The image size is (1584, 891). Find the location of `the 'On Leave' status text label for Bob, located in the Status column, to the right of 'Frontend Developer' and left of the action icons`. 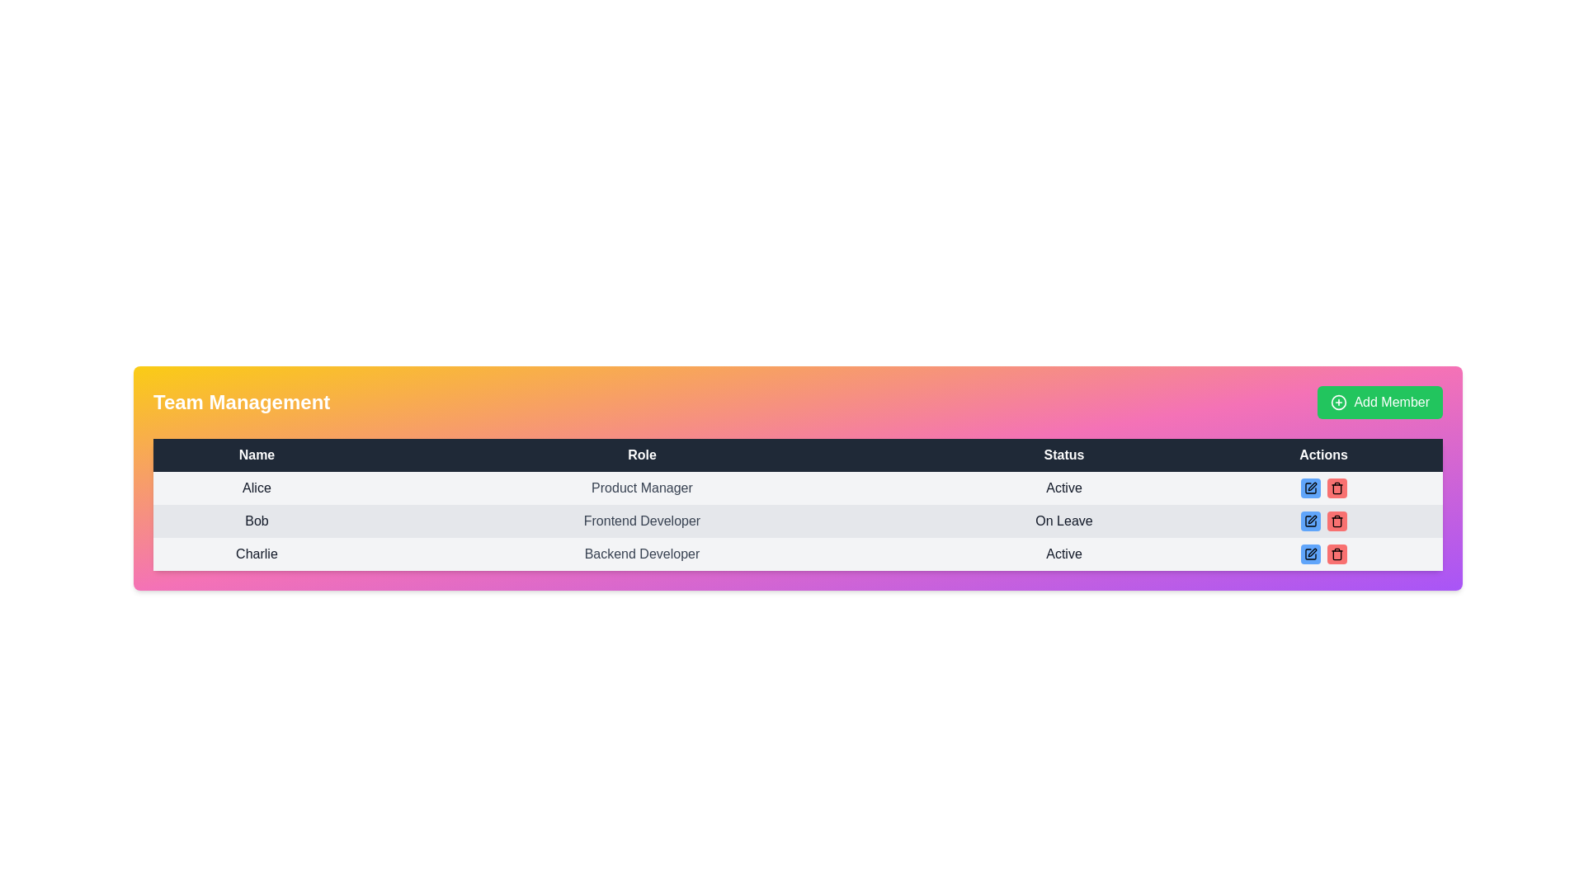

the 'On Leave' status text label for Bob, located in the Status column, to the right of 'Frontend Developer' and left of the action icons is located at coordinates (1064, 521).